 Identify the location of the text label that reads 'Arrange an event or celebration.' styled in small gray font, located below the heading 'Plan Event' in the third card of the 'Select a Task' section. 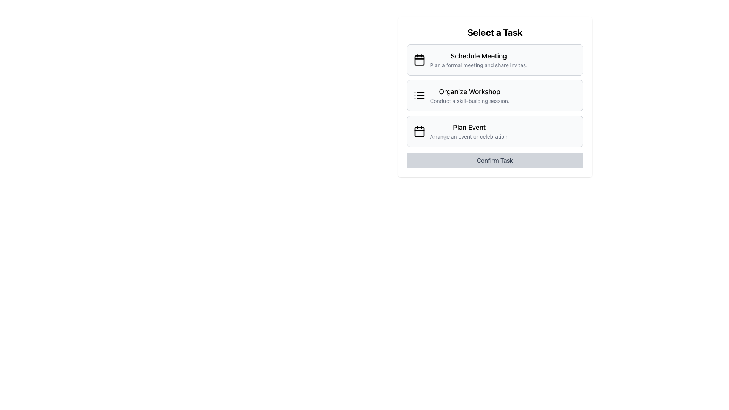
(469, 136).